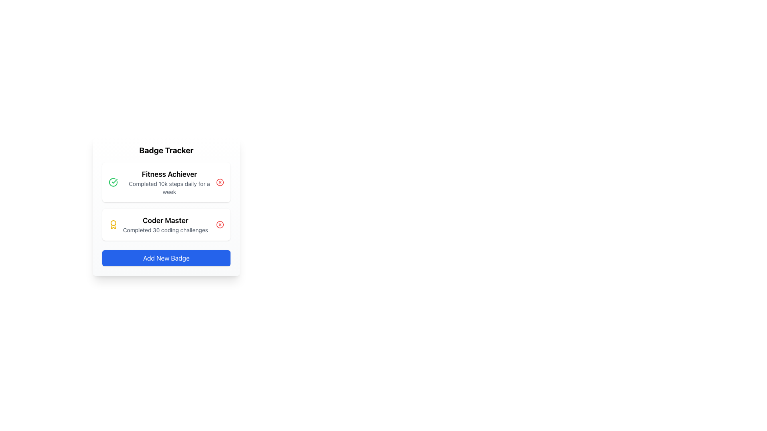  I want to click on bold text label 'Badge Tracker' that is centered at the top of the card, positioned above the achievements listing, so click(166, 150).